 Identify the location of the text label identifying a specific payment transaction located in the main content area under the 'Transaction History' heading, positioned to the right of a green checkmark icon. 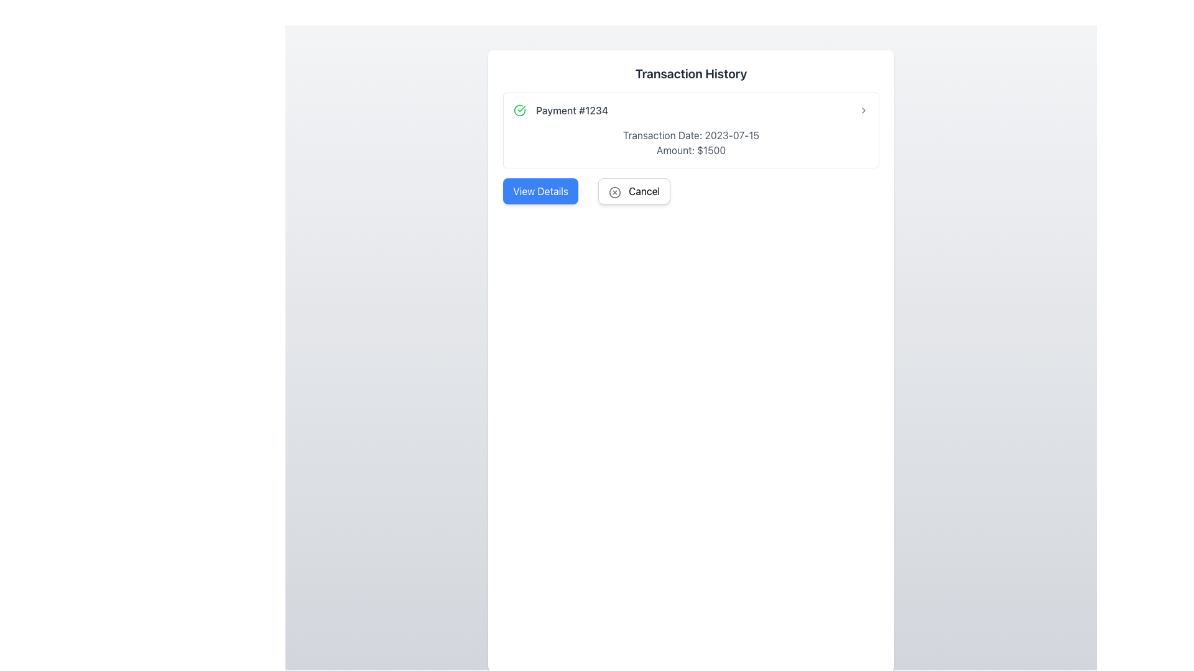
(572, 109).